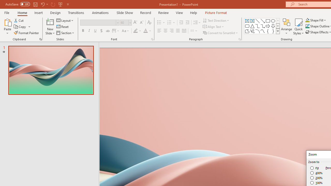 Image resolution: width=331 pixels, height=186 pixels. What do you see at coordinates (277, 26) in the screenshot?
I see `'Row Down'` at bounding box center [277, 26].